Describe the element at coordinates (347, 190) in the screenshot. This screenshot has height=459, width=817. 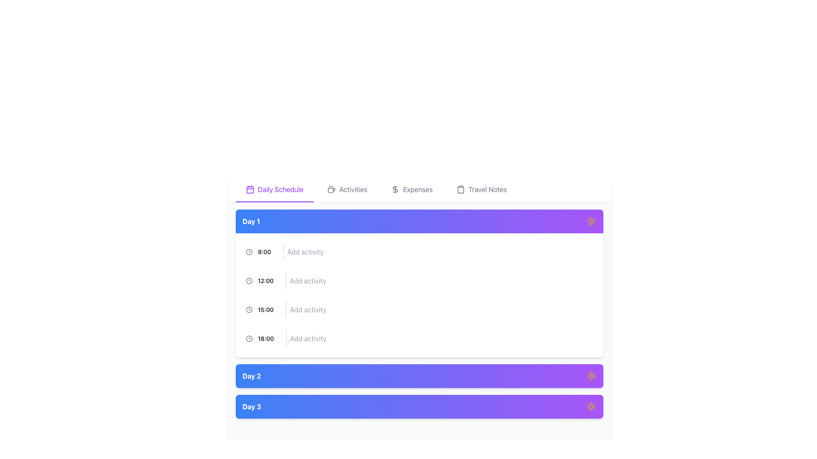
I see `the 'Activities' navigation button, which features an icon resembling a cup and is styled in gray` at that location.